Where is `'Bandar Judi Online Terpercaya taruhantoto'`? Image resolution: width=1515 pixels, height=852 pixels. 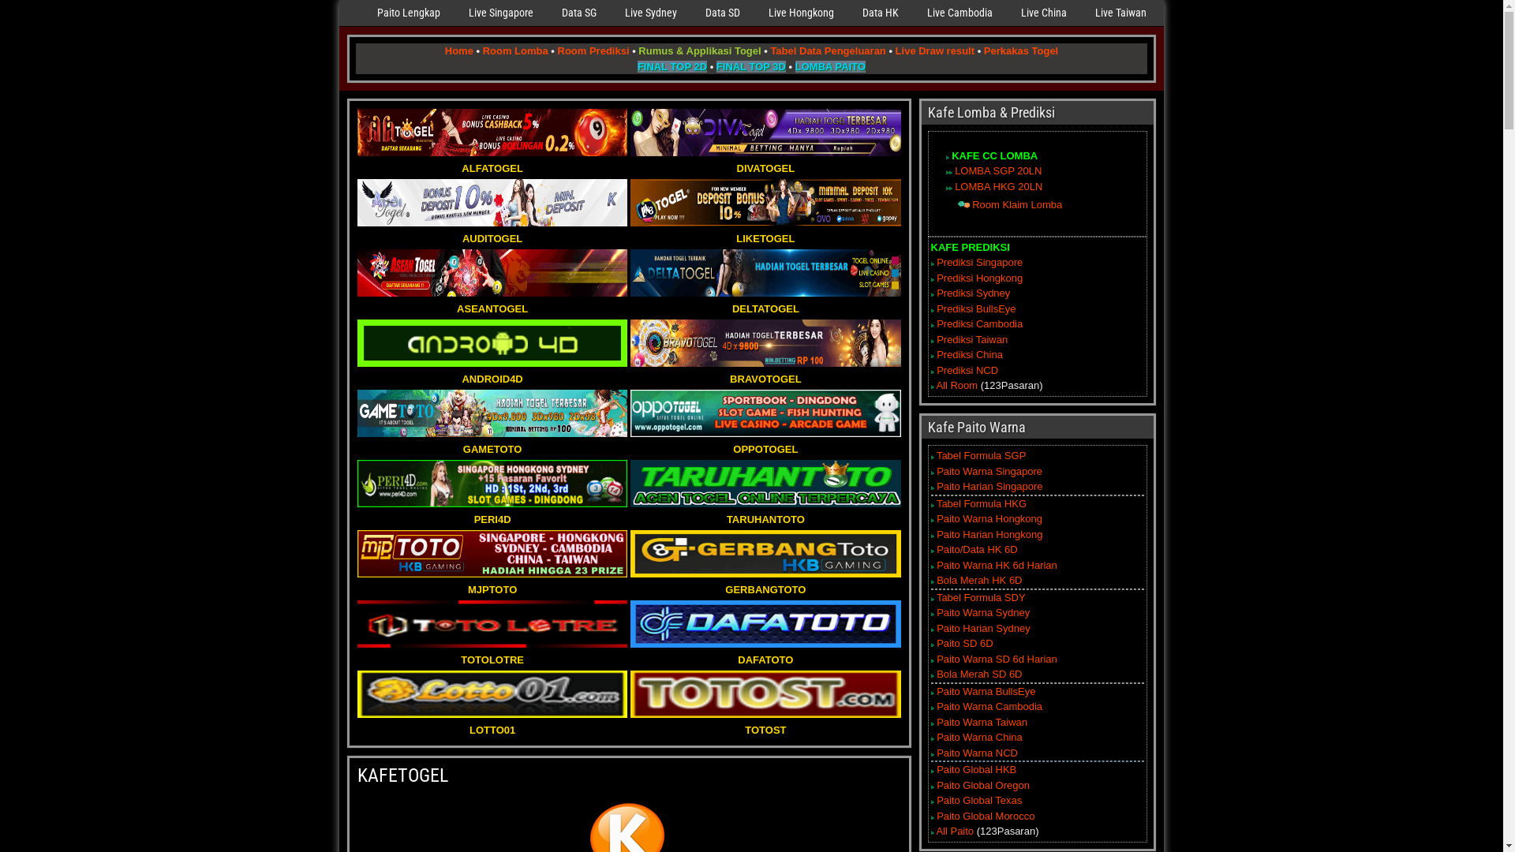 'Bandar Judi Online Terpercaya taruhantoto' is located at coordinates (765, 483).